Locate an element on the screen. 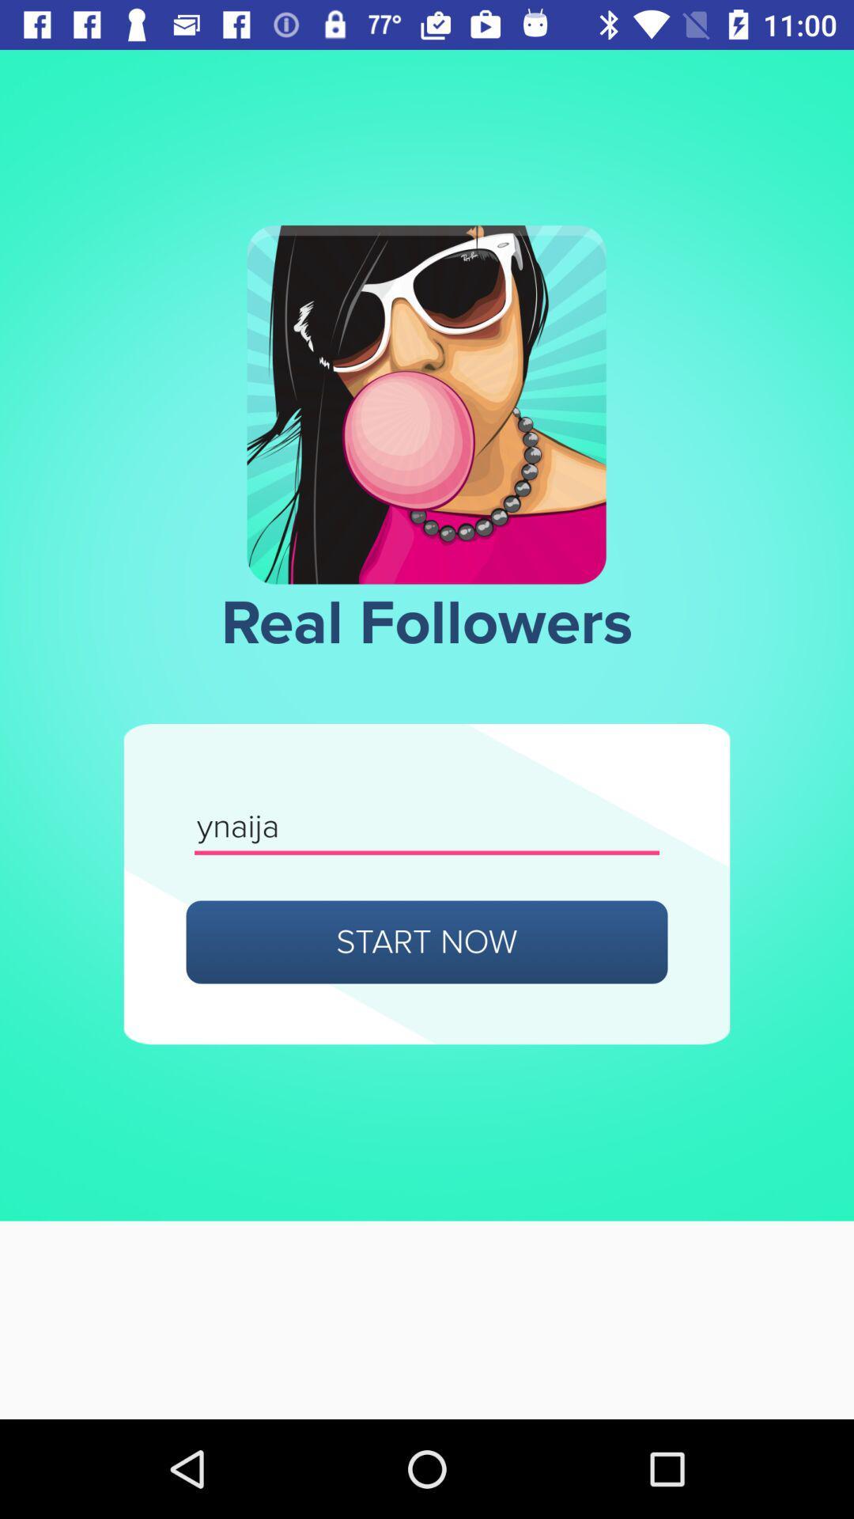 This screenshot has width=854, height=1519. start now item is located at coordinates (427, 941).